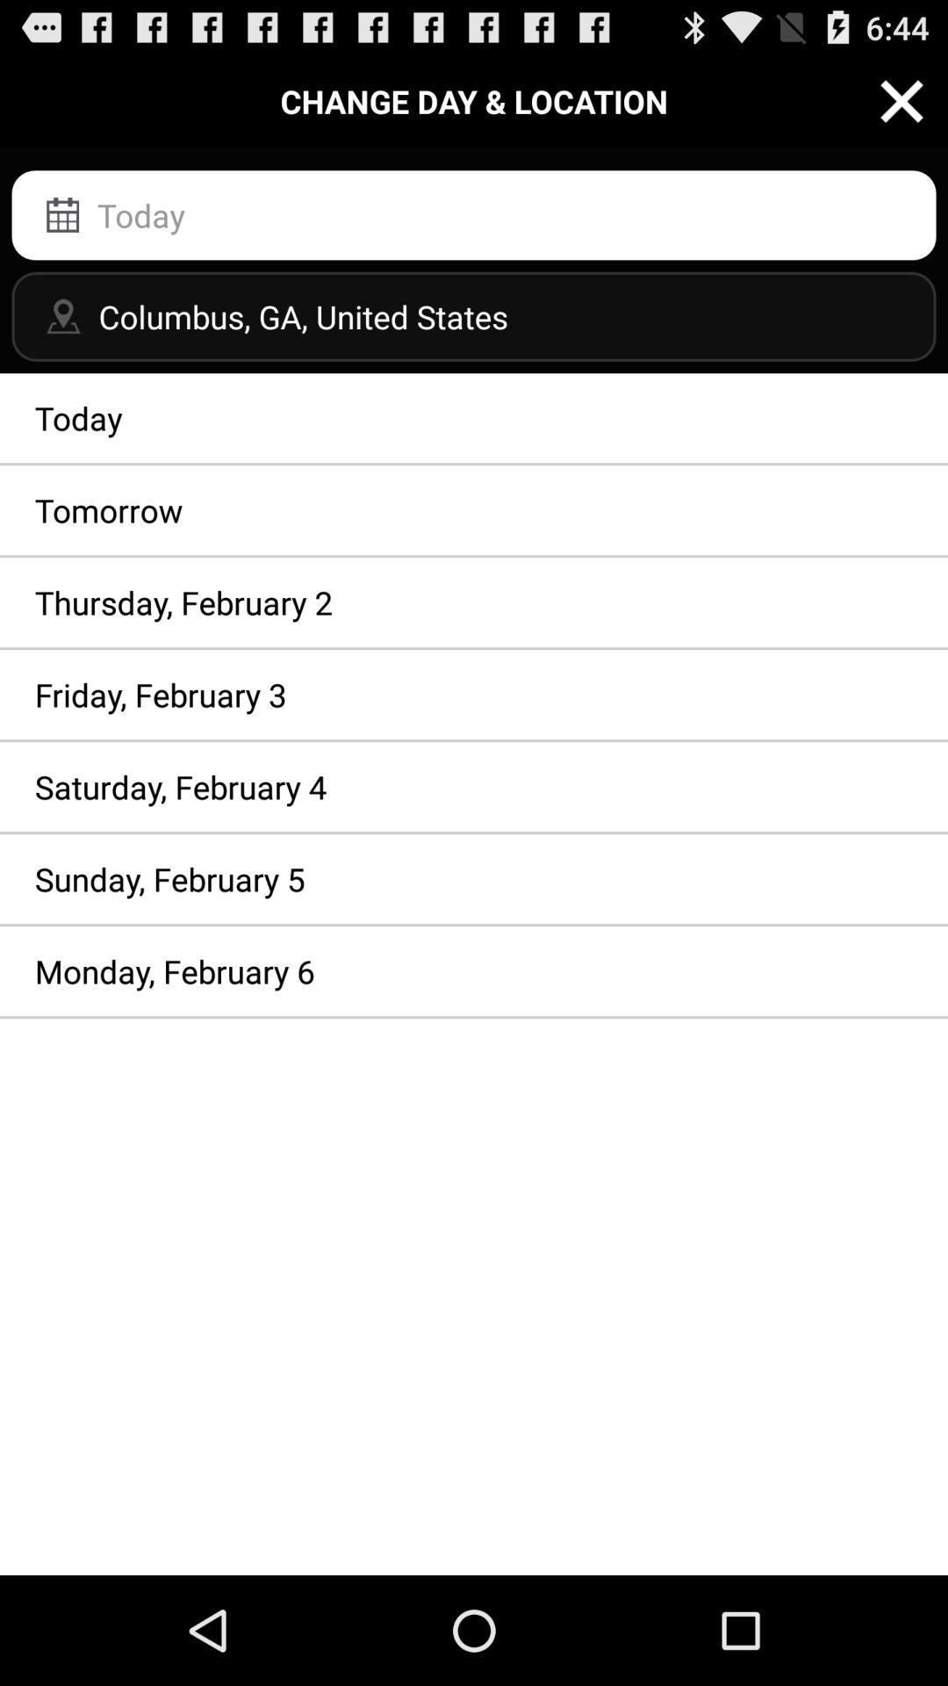 The width and height of the screenshot is (948, 1686). What do you see at coordinates (474, 509) in the screenshot?
I see `app below the today item` at bounding box center [474, 509].